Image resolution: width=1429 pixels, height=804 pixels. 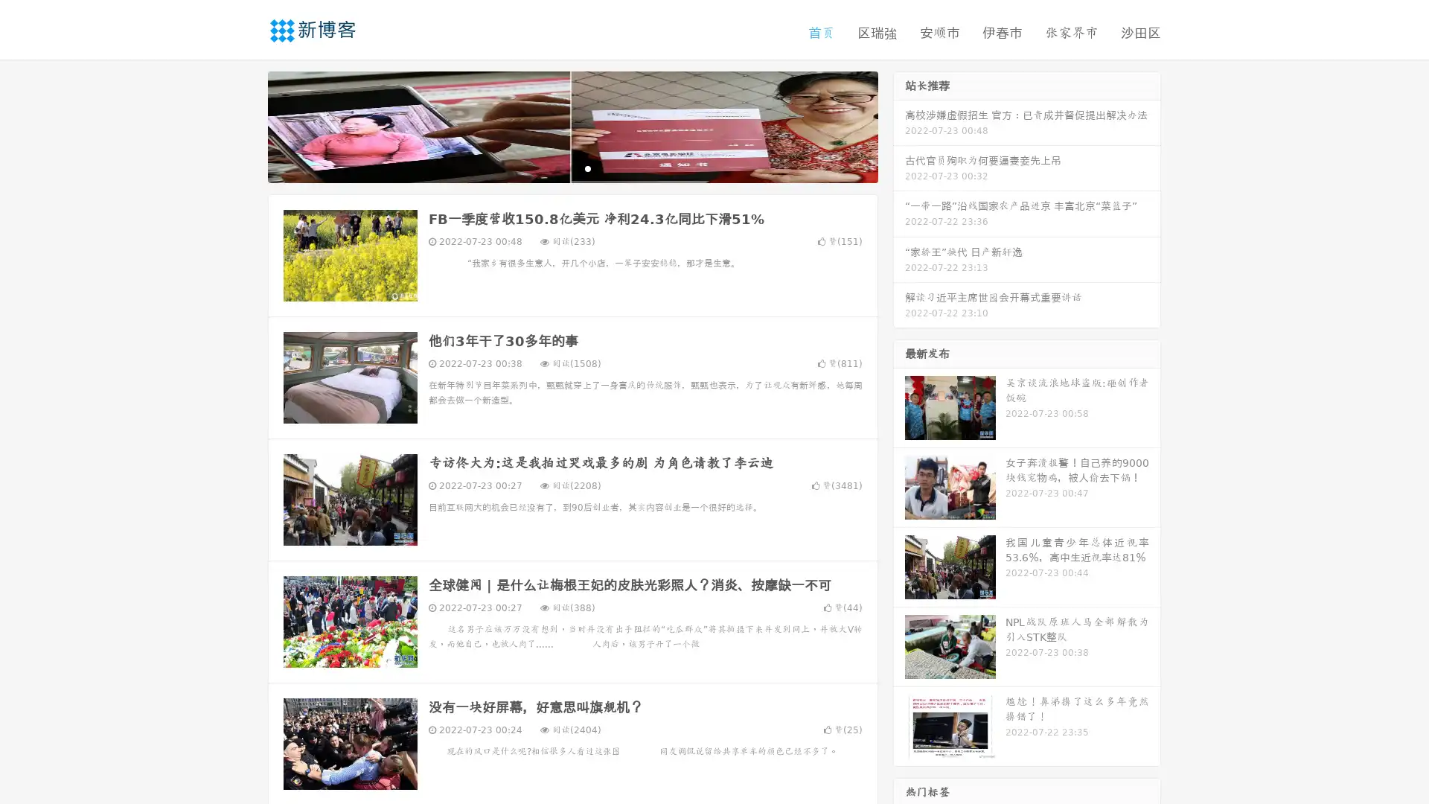 I want to click on Next slide, so click(x=899, y=125).